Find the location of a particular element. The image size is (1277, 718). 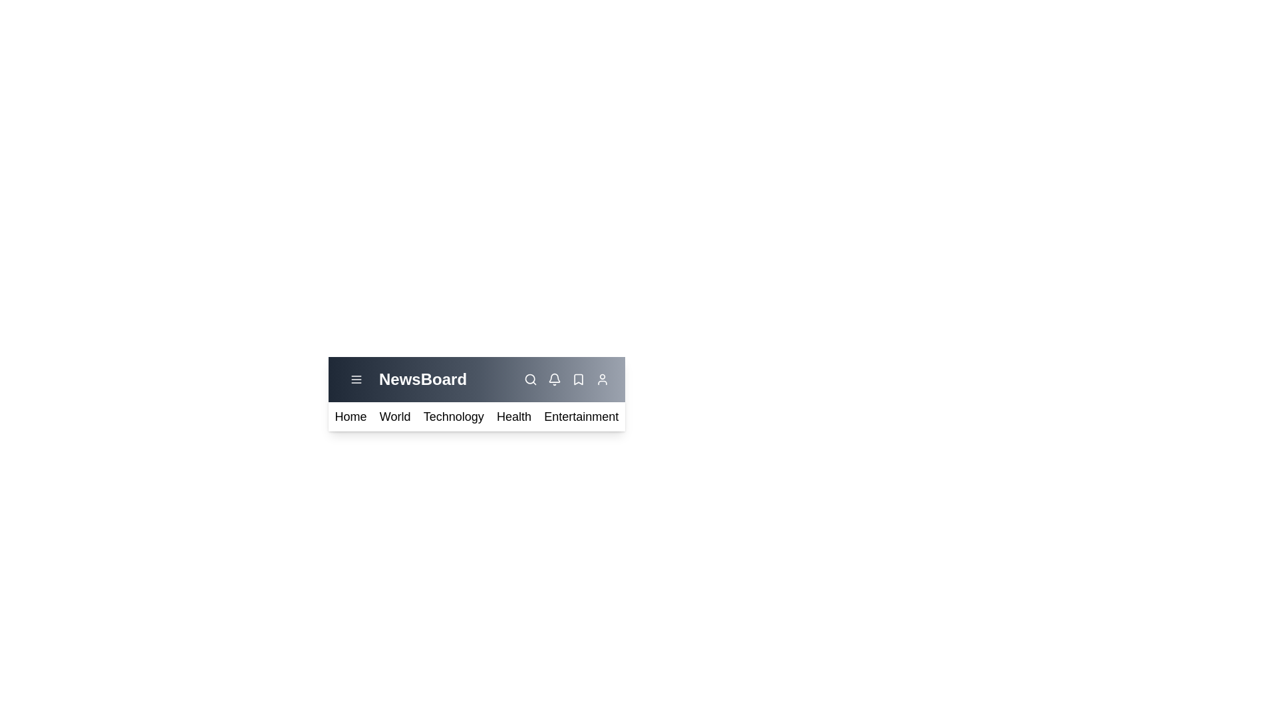

the menu toggle button to toggle the menu visibility is located at coordinates (356, 379).